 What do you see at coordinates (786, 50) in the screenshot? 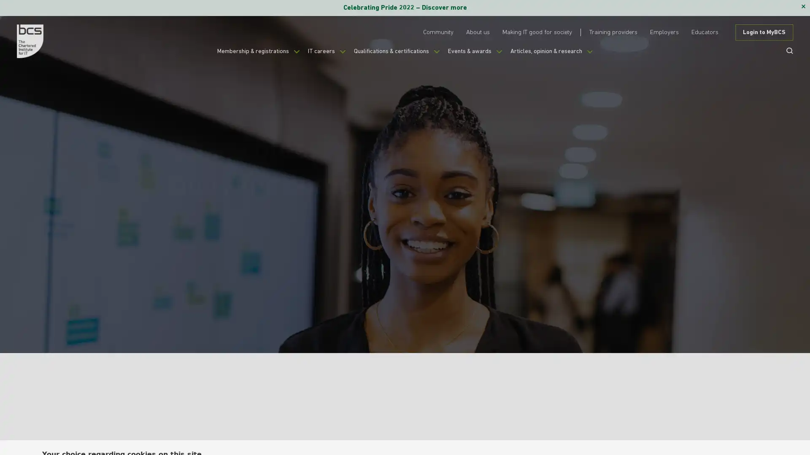
I see `Open Search` at bounding box center [786, 50].